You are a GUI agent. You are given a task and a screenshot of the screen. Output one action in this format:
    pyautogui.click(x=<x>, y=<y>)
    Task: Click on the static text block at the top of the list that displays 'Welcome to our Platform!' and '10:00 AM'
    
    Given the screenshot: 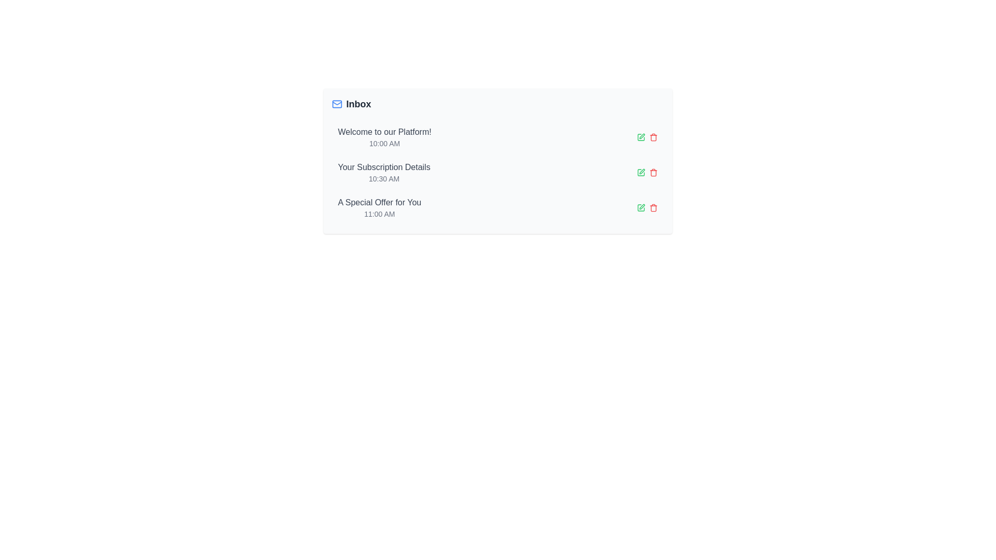 What is the action you would take?
    pyautogui.click(x=384, y=137)
    